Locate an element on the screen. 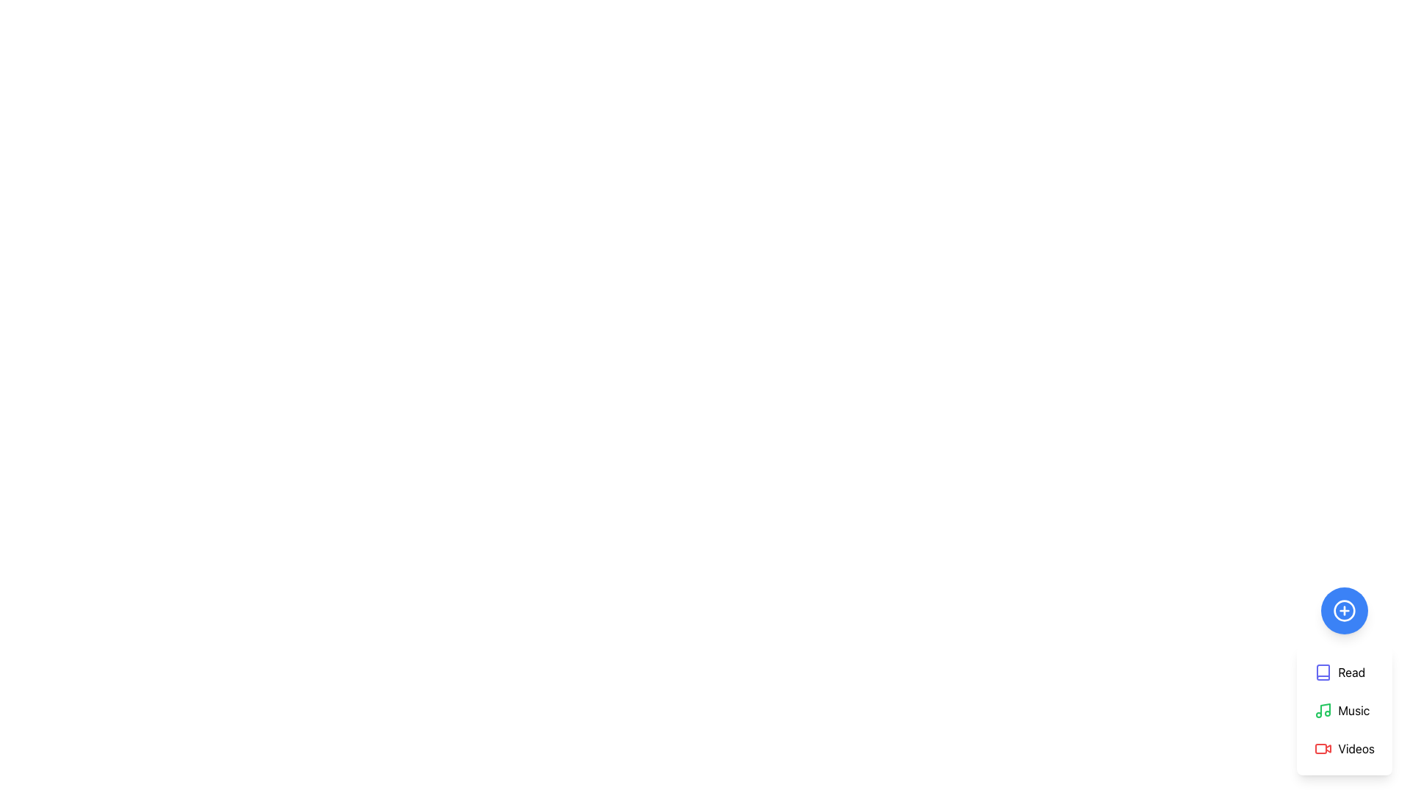  the Interactive menu entry labeled 'Music' is located at coordinates (1345, 710).